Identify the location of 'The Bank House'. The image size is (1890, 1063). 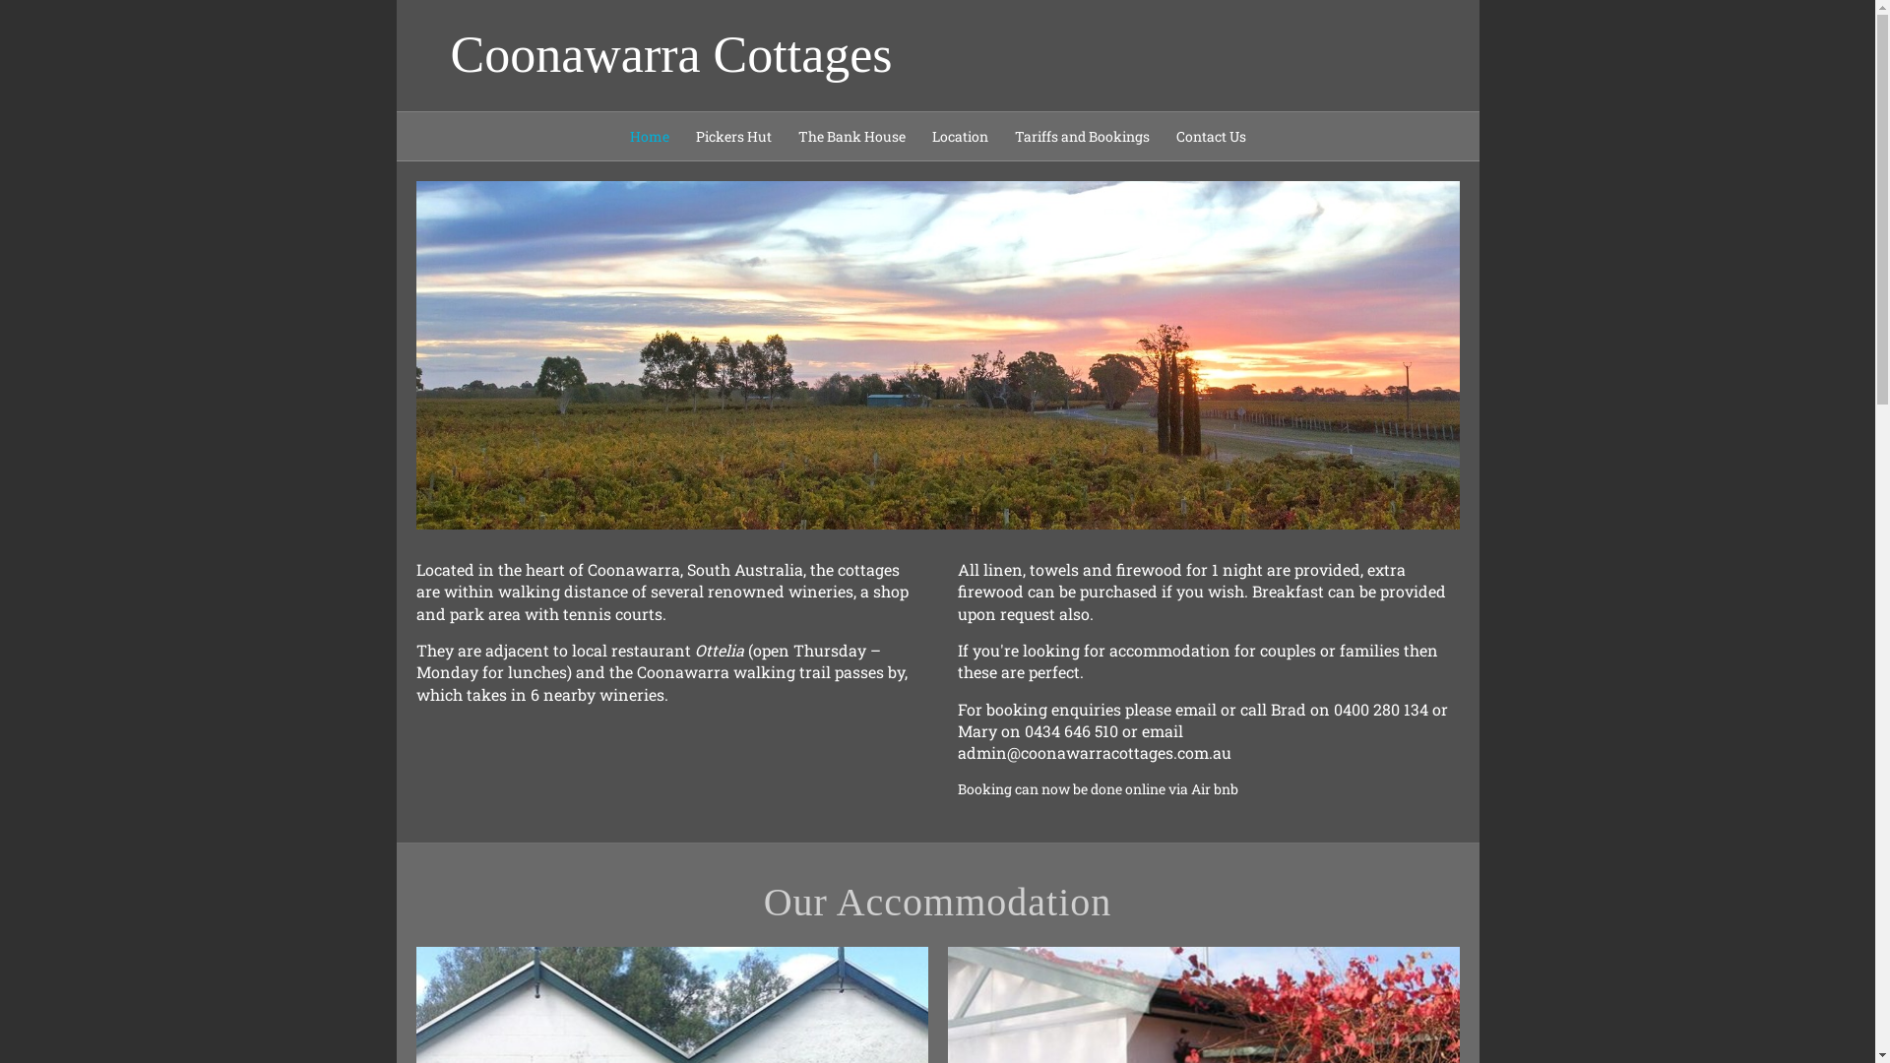
(850, 135).